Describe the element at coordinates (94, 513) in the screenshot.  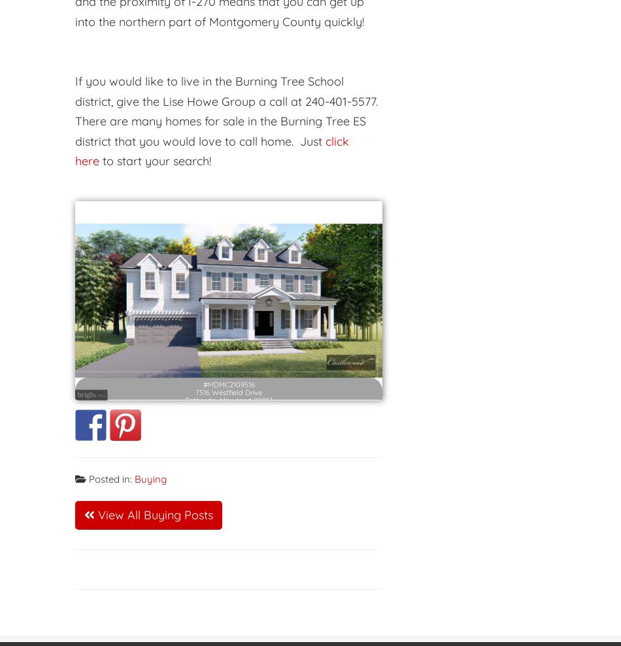
I see `'View All Buying Posts'` at that location.